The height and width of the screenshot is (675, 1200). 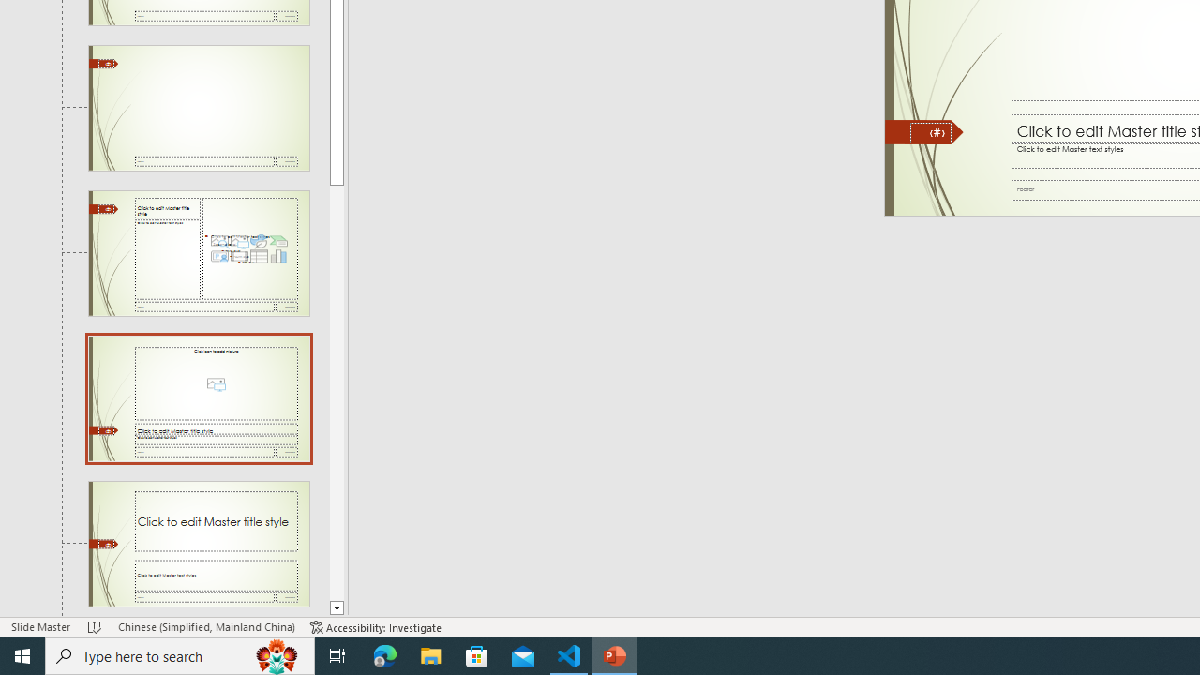 I want to click on 'Slide Number', so click(x=931, y=131).